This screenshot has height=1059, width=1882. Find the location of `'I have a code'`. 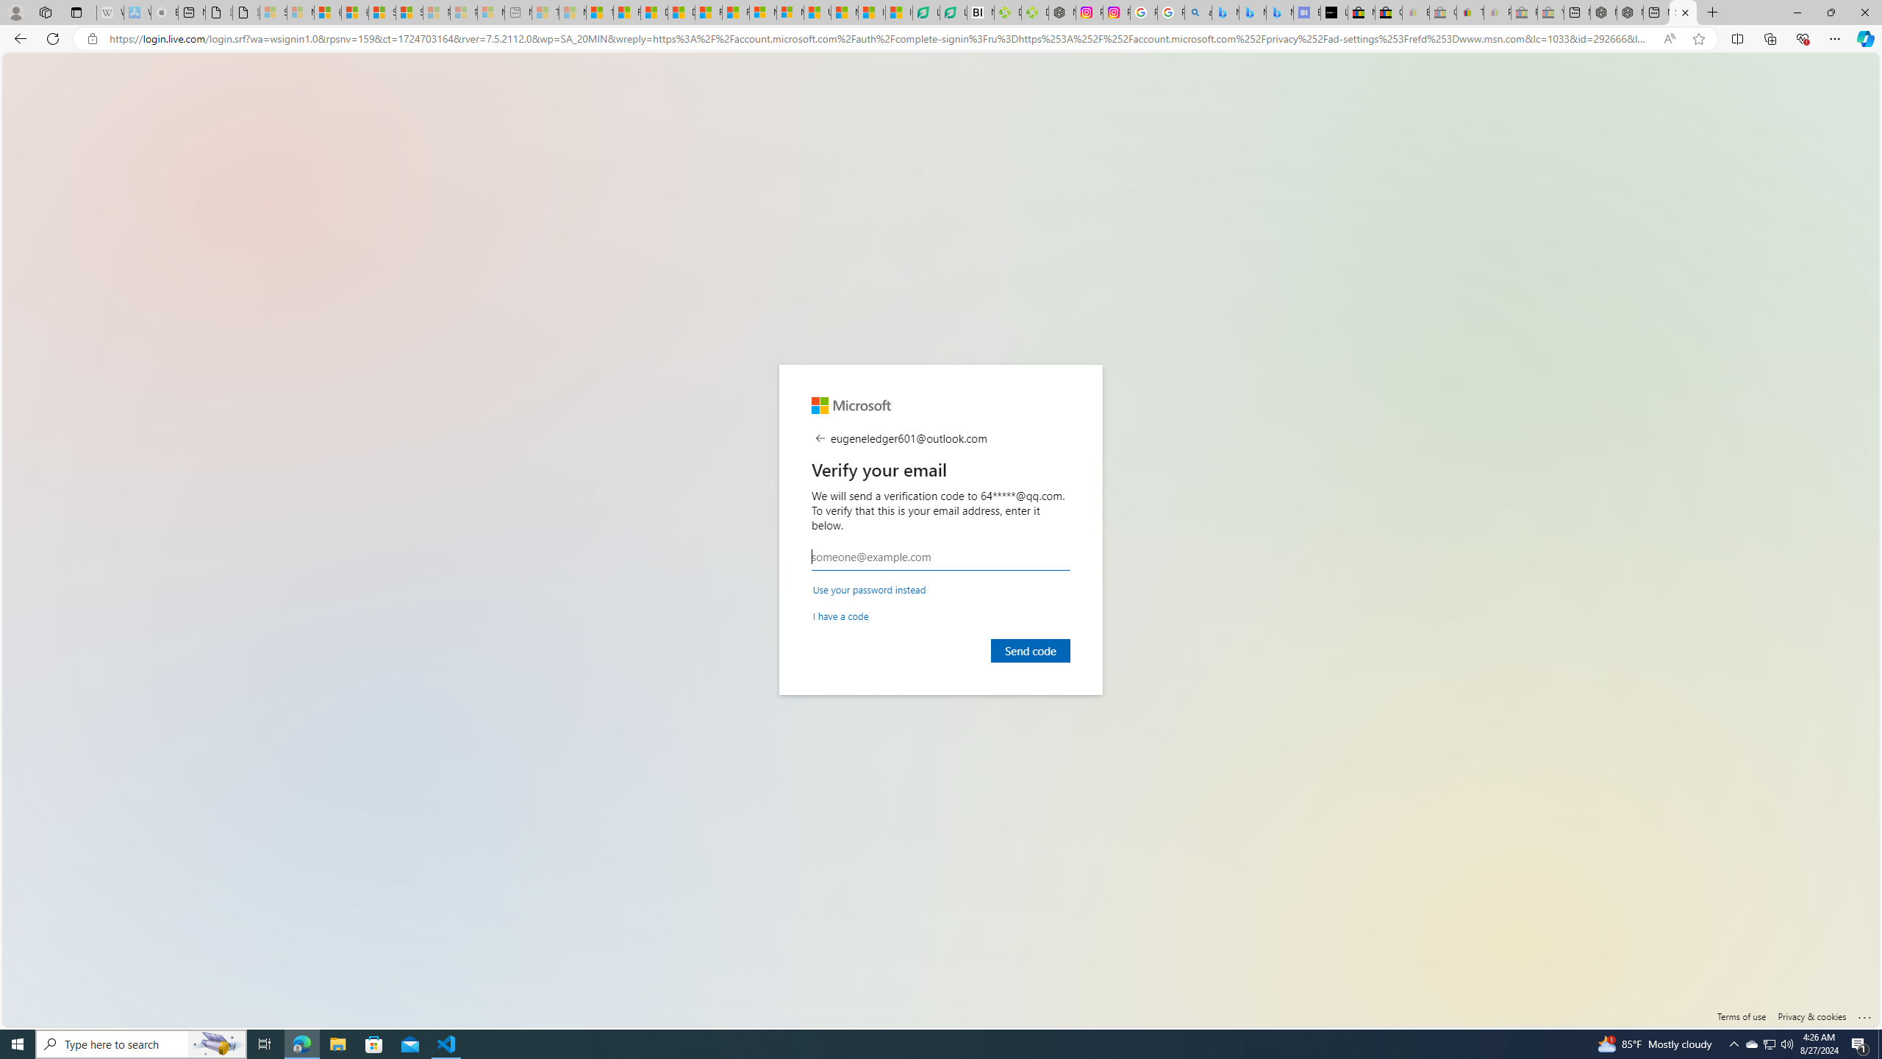

'I have a code' is located at coordinates (841, 615).